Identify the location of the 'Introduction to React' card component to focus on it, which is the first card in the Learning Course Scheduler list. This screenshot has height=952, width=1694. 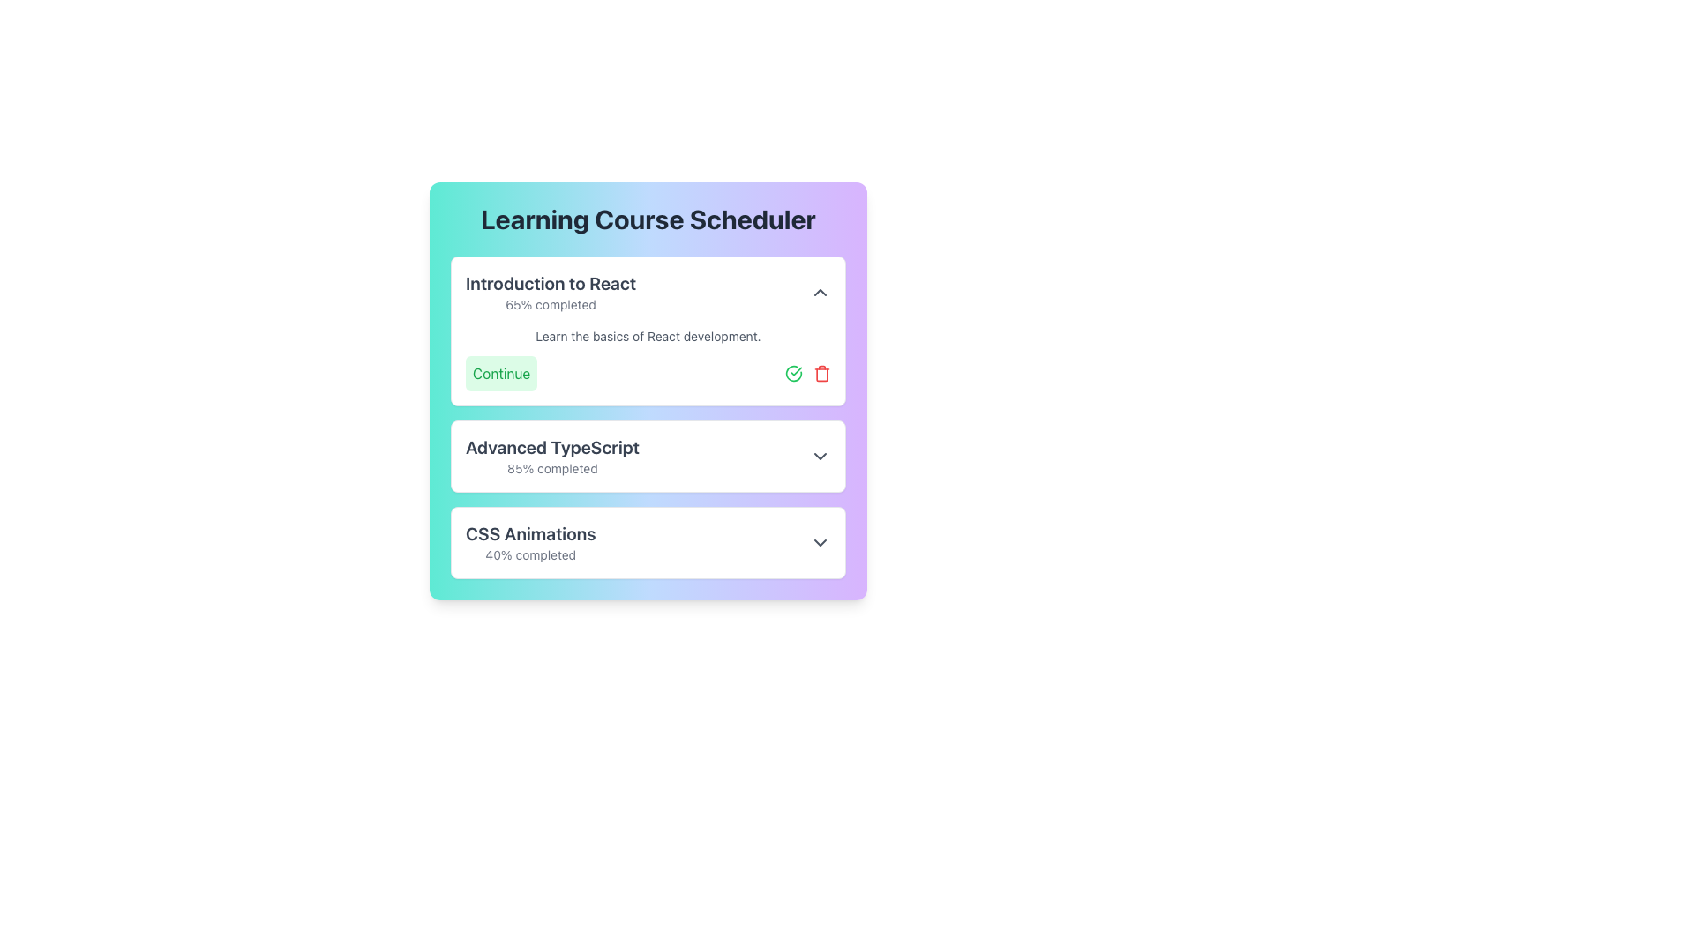
(647, 331).